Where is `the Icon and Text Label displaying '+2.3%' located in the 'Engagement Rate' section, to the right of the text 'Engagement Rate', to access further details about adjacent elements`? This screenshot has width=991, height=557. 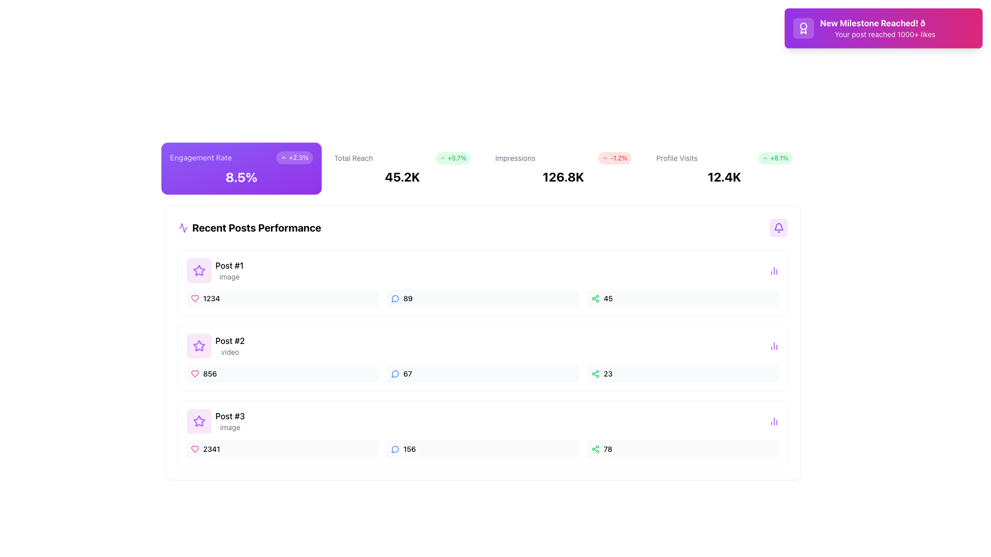 the Icon and Text Label displaying '+2.3%' located in the 'Engagement Rate' section, to the right of the text 'Engagement Rate', to access further details about adjacent elements is located at coordinates (294, 157).